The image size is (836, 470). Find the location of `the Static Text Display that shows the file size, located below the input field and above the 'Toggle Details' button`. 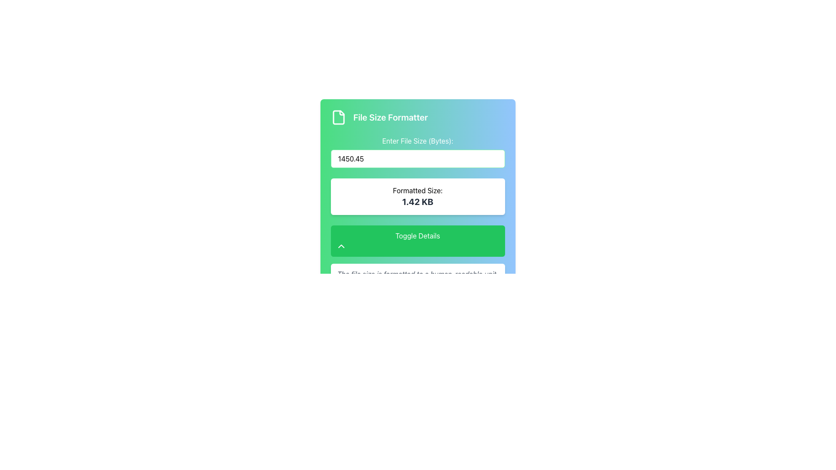

the Static Text Display that shows the file size, located below the input field and above the 'Toggle Details' button is located at coordinates (417, 196).